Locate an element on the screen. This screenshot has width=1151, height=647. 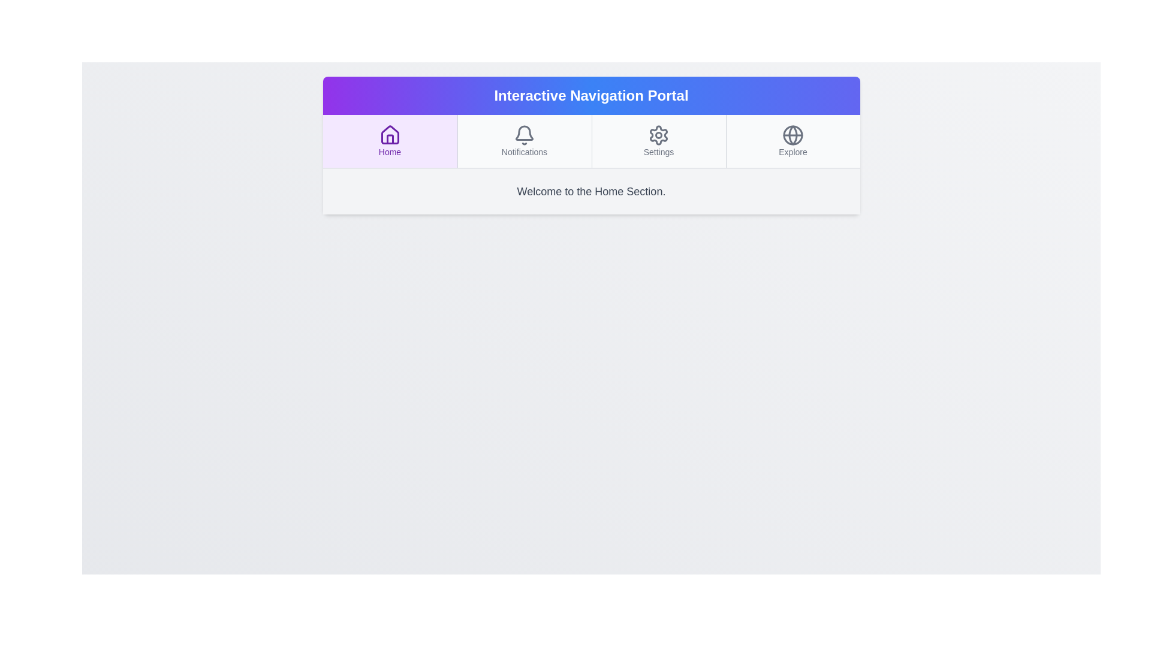
the SVG circle element that serves as a visual decoration within the settings icon located in the navigation bar is located at coordinates (658, 135).